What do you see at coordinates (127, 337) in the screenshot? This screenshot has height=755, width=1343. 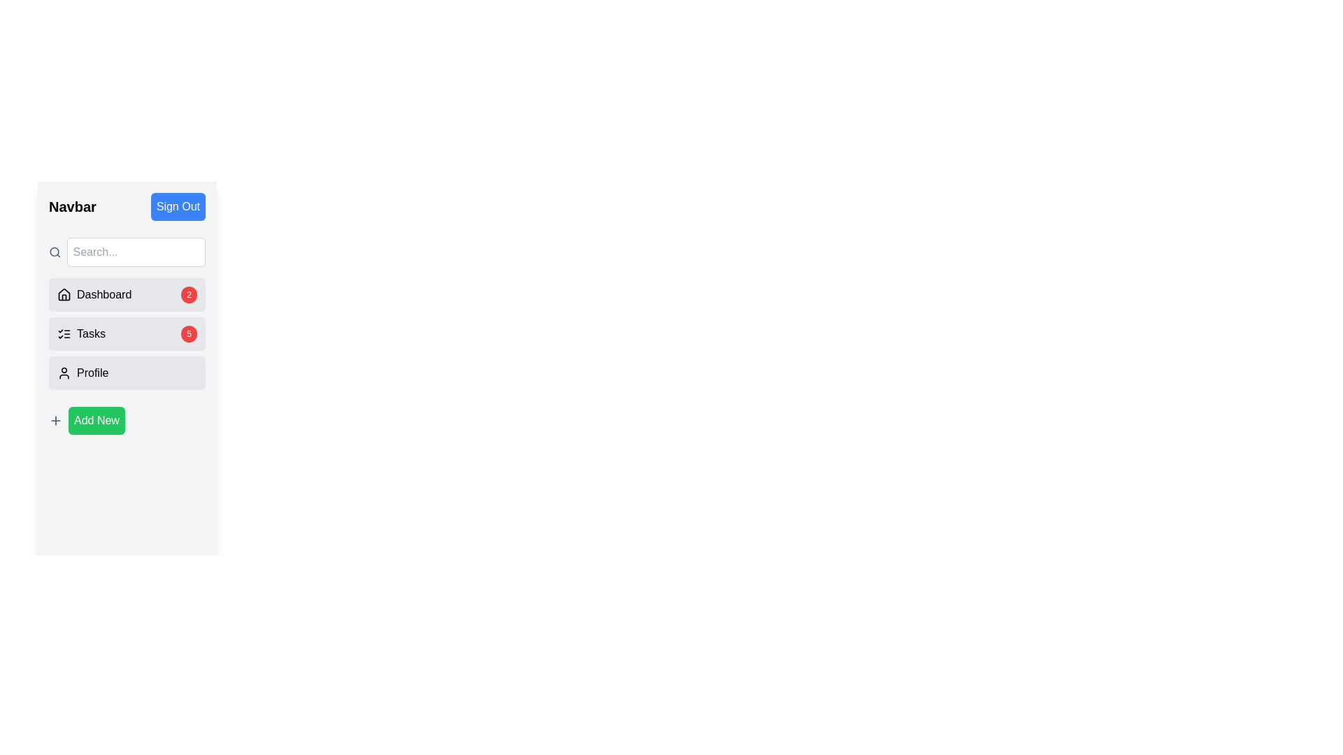 I see `the navigation menu item to switch sections in the application, located in the sidebar below the search bar` at bounding box center [127, 337].